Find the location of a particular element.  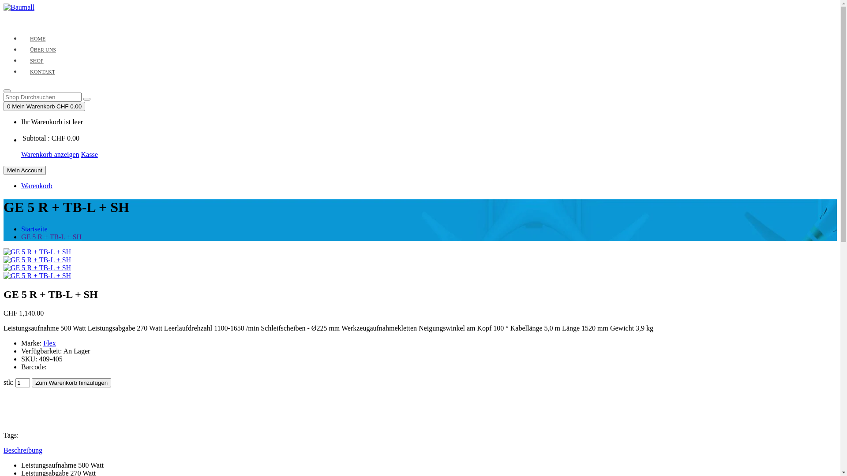

'GE 5 R + TB-L + SH' is located at coordinates (37, 268).